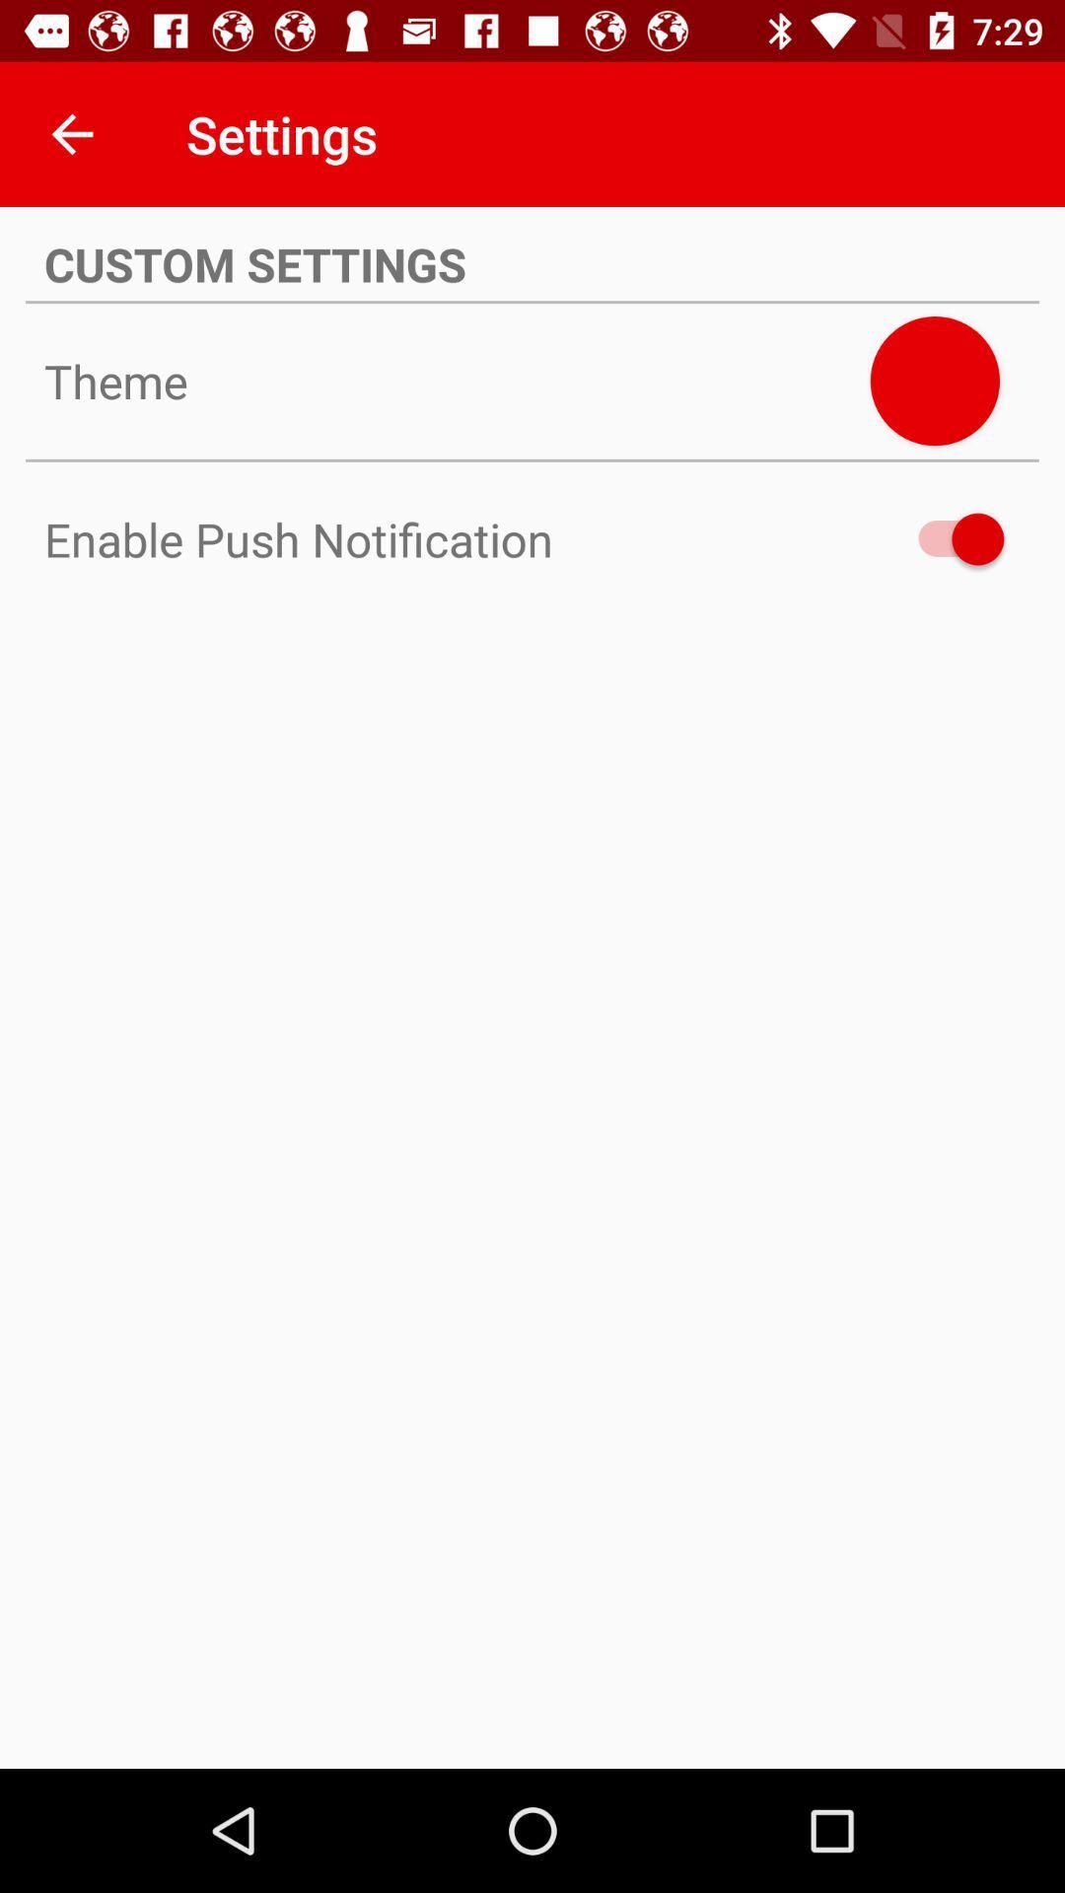 This screenshot has width=1065, height=1893. I want to click on the icon next to enable push notification item, so click(951, 539).